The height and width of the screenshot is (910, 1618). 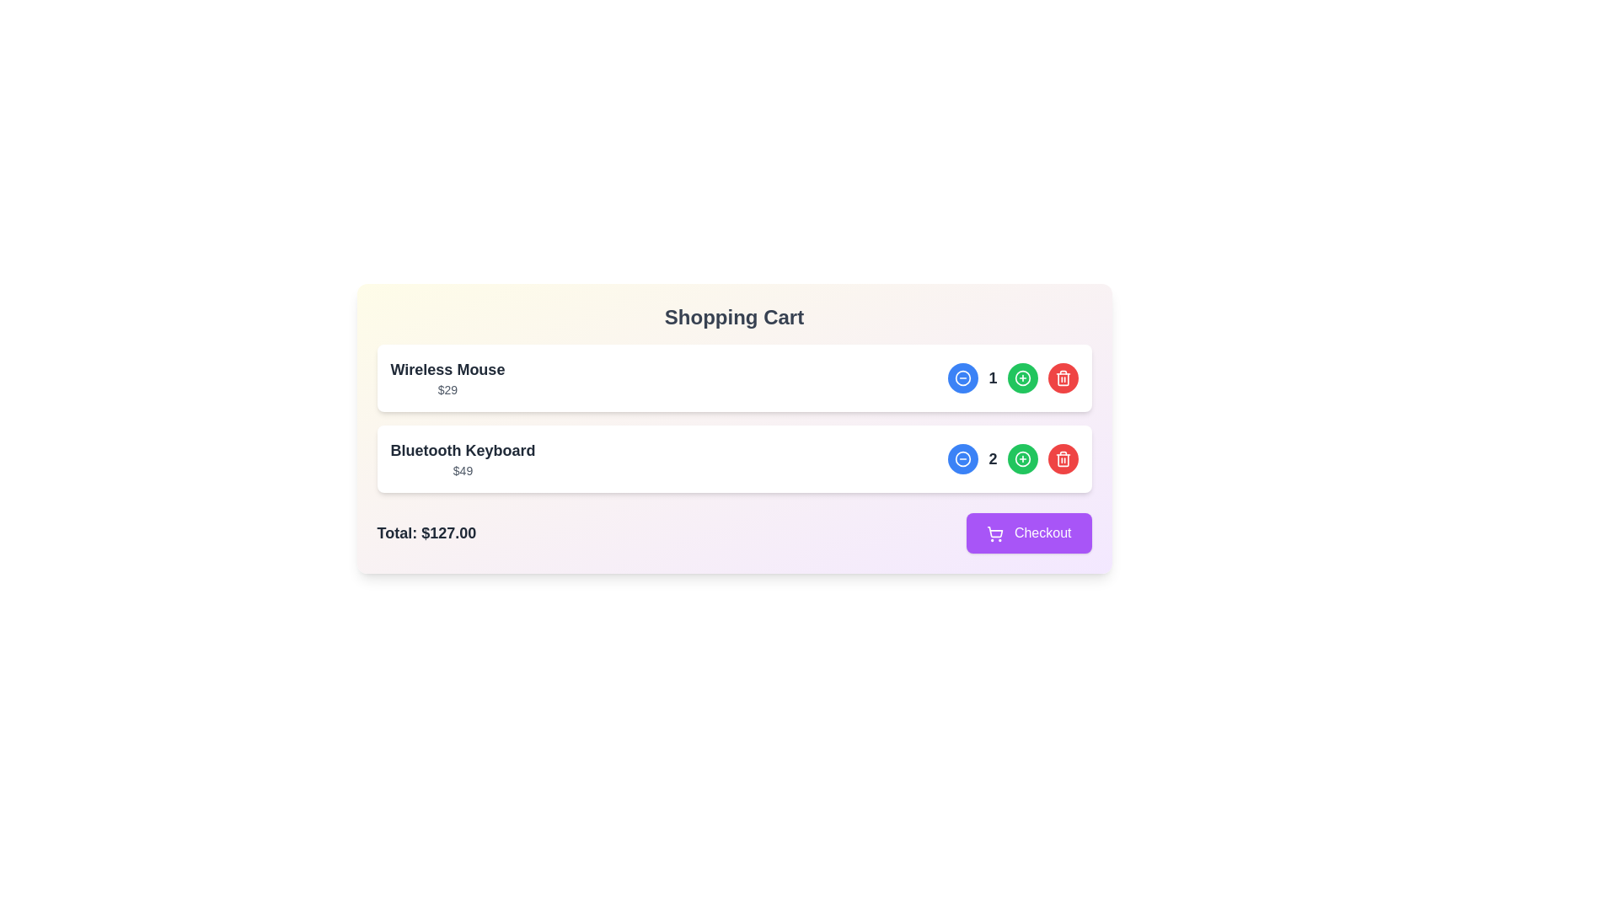 What do you see at coordinates (463, 471) in the screenshot?
I see `the text element displaying the price '$49', which is styled in small gray text and located below the 'Bluetooth Keyboard' item in the shopping cart` at bounding box center [463, 471].